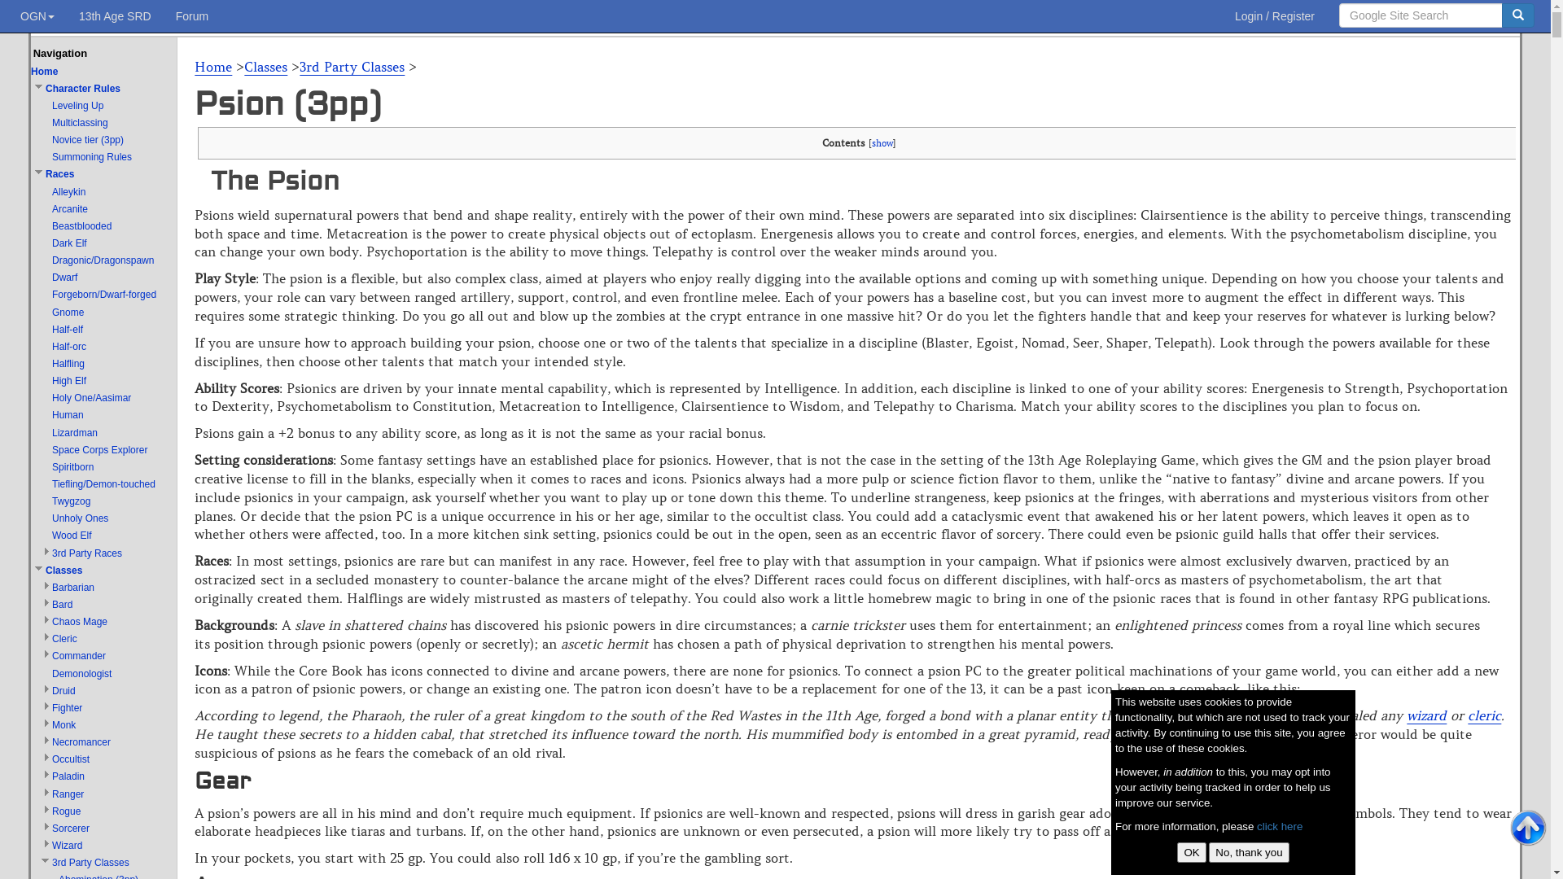  Describe the element at coordinates (66, 330) in the screenshot. I see `'Half-elf'` at that location.